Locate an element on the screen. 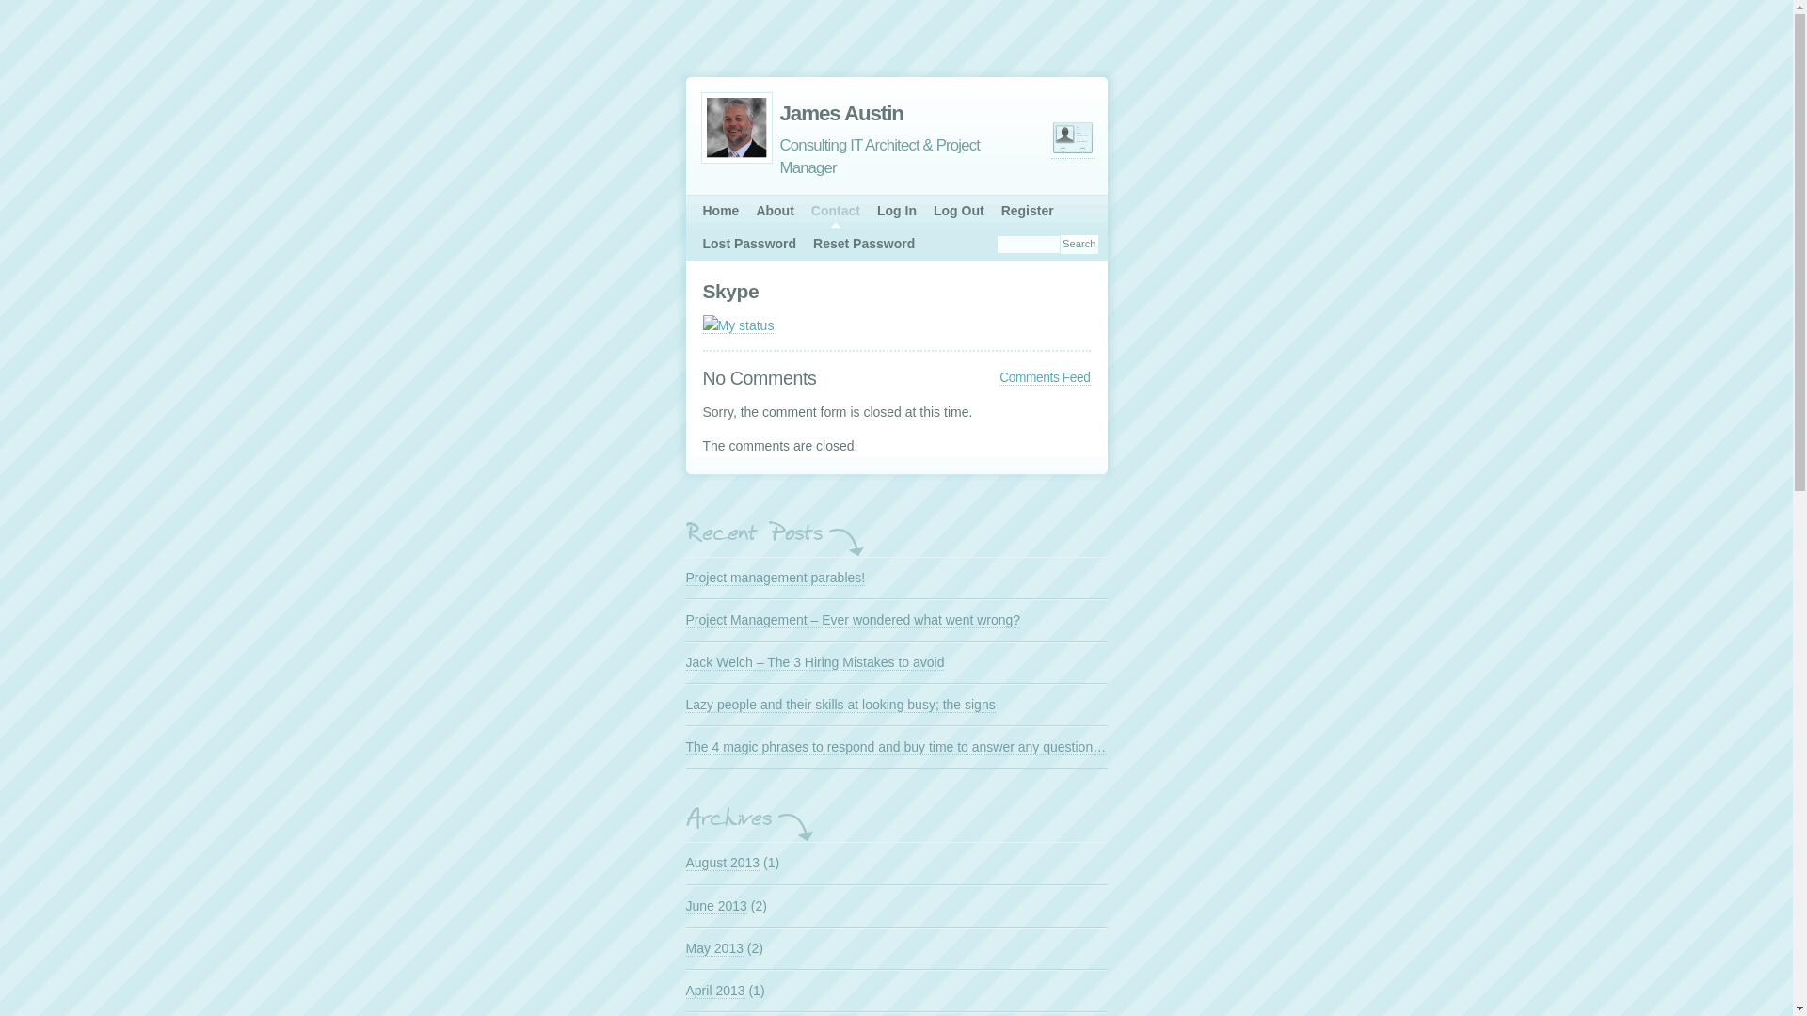 This screenshot has width=1807, height=1016. 'June 2013' is located at coordinates (714, 904).